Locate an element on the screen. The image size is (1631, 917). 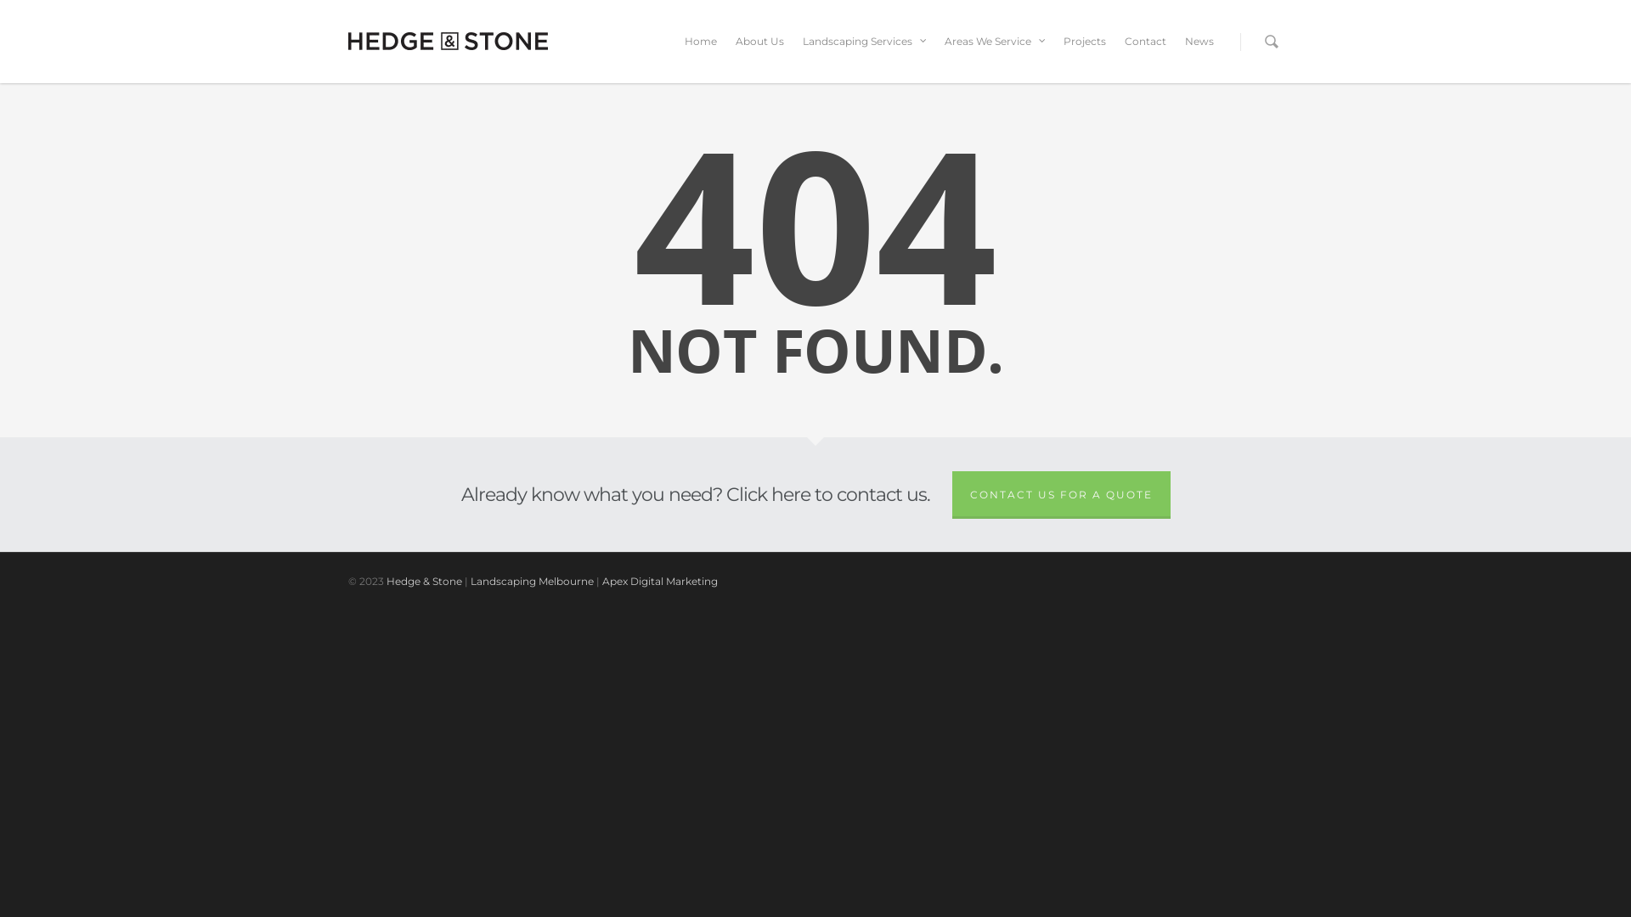
'Contact' is located at coordinates (1145, 52).